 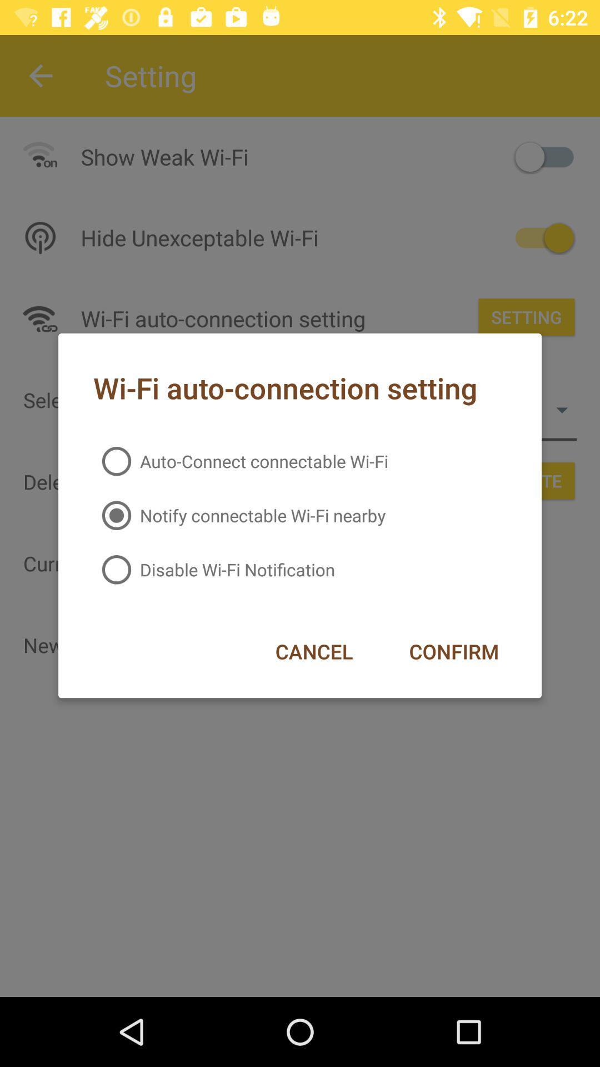 What do you see at coordinates (454, 651) in the screenshot?
I see `the confirm icon` at bounding box center [454, 651].